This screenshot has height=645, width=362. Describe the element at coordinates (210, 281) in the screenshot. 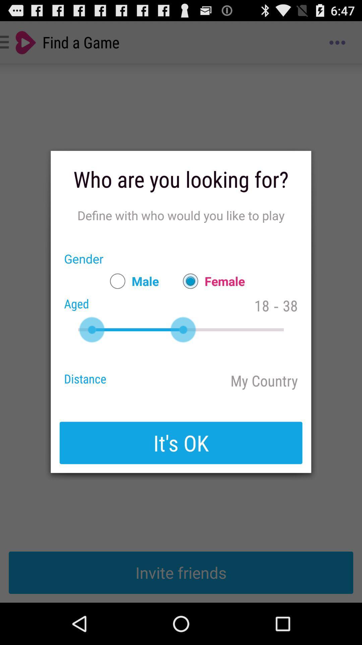

I see `female radio button` at that location.